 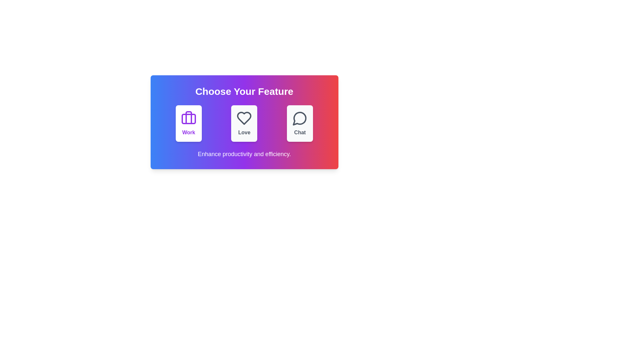 I want to click on the button labeled Chat to select the corresponding feature, so click(x=300, y=123).